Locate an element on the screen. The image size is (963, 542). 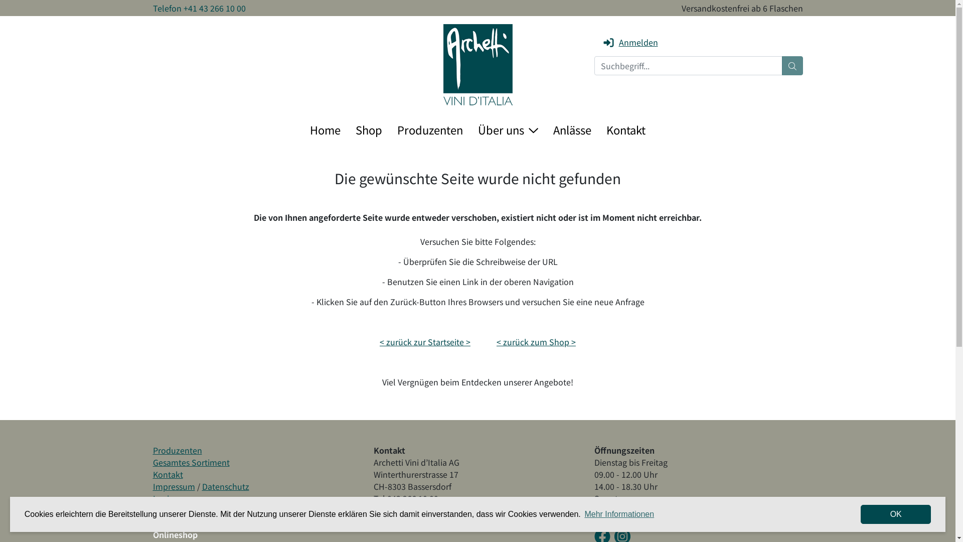
'Gesamtes Sortiment' is located at coordinates (151, 462).